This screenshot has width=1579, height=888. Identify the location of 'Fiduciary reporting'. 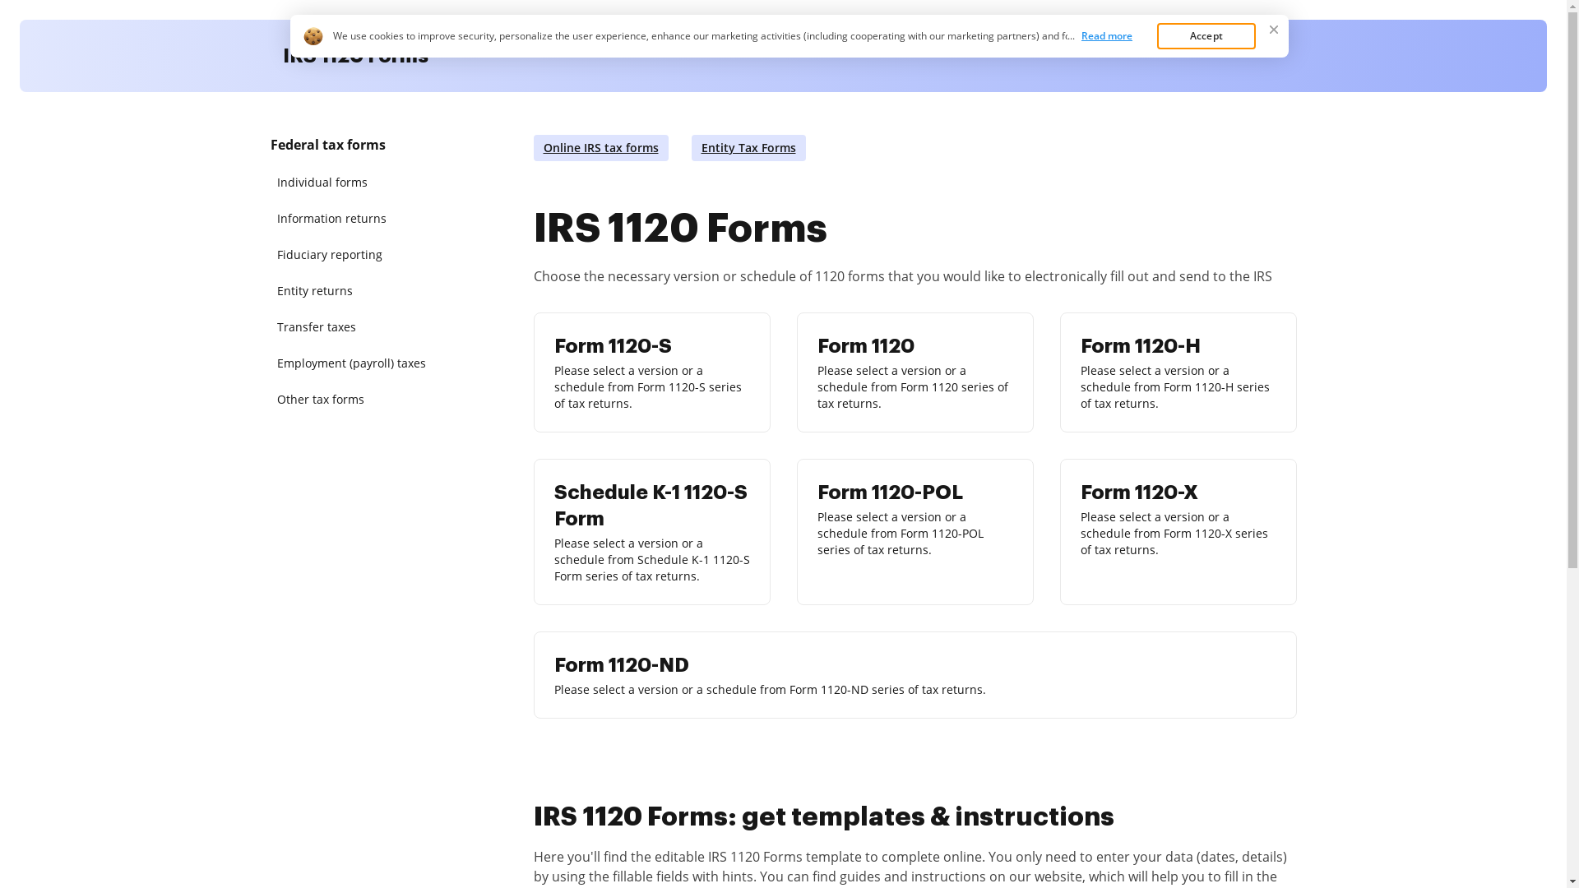
(354, 254).